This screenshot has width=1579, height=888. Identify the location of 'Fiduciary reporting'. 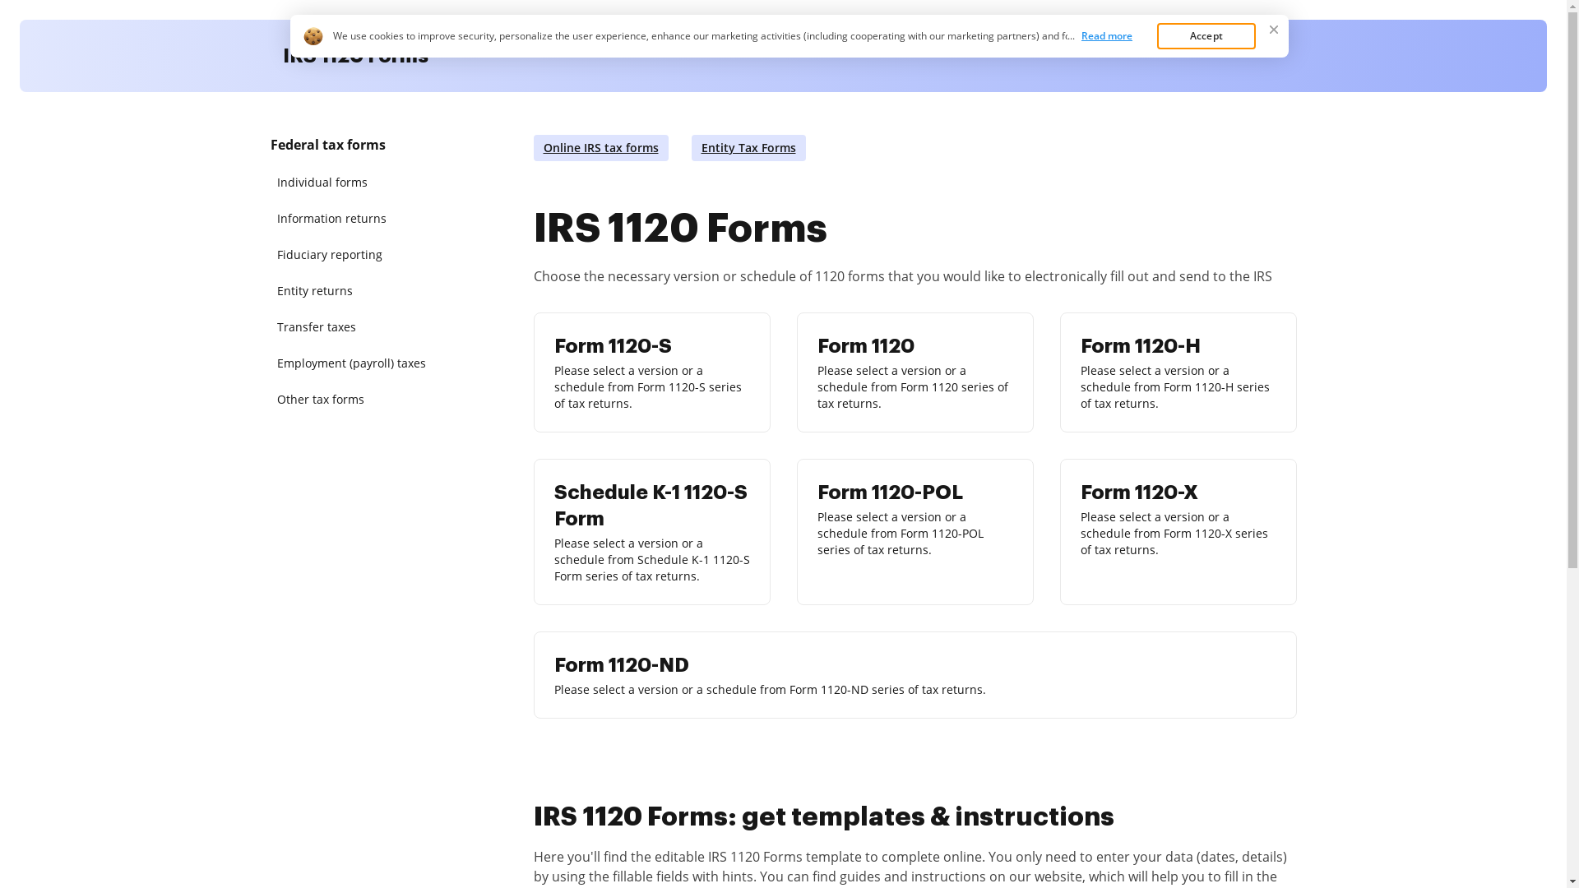
(354, 254).